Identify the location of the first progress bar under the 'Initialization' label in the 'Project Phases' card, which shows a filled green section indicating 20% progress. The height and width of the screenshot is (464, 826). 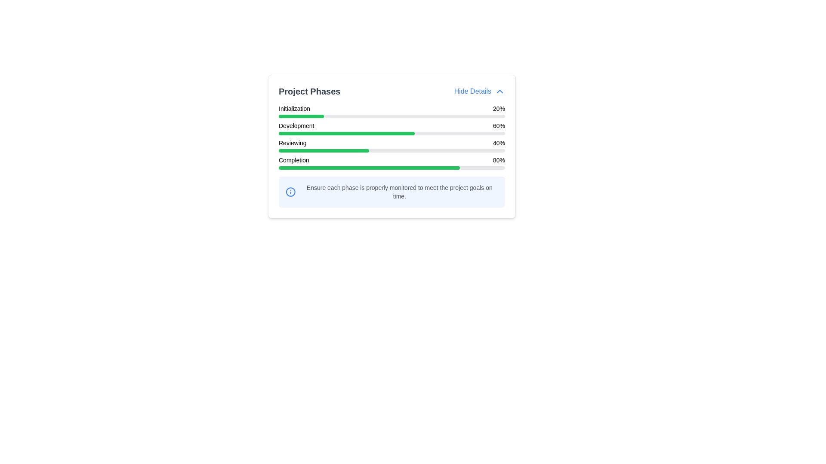
(391, 116).